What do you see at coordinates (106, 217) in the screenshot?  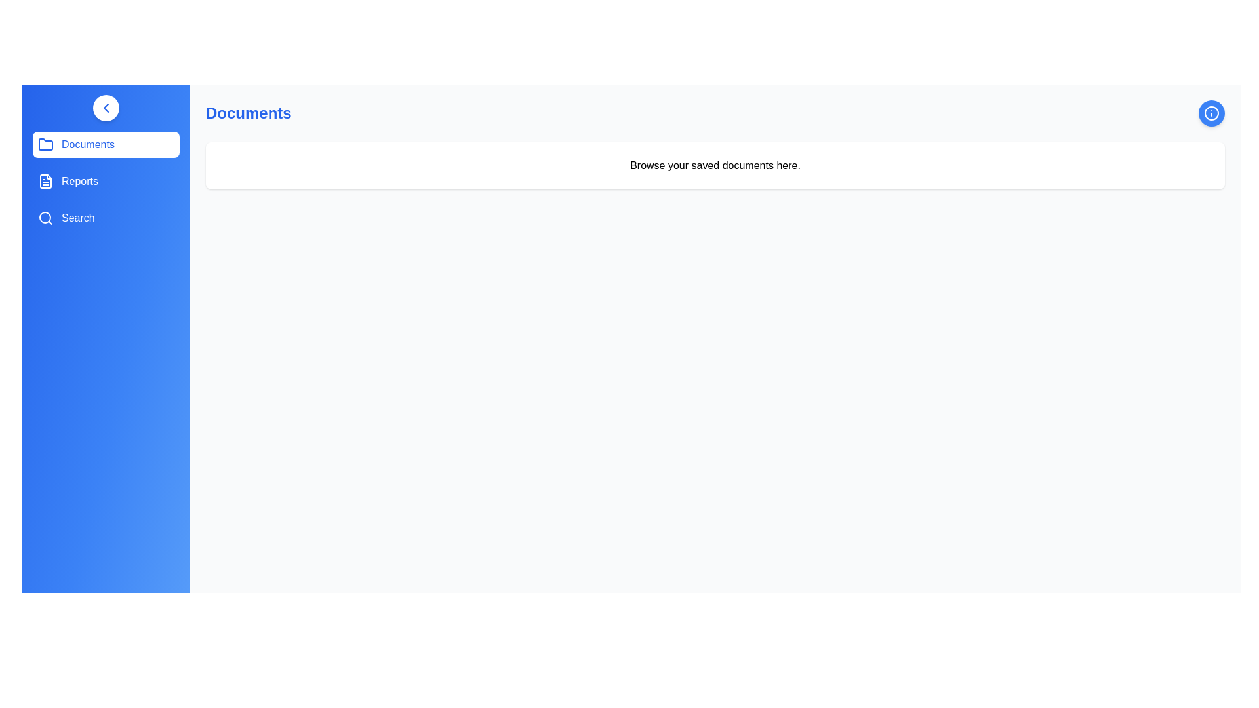 I see `the Search section from the drawer` at bounding box center [106, 217].